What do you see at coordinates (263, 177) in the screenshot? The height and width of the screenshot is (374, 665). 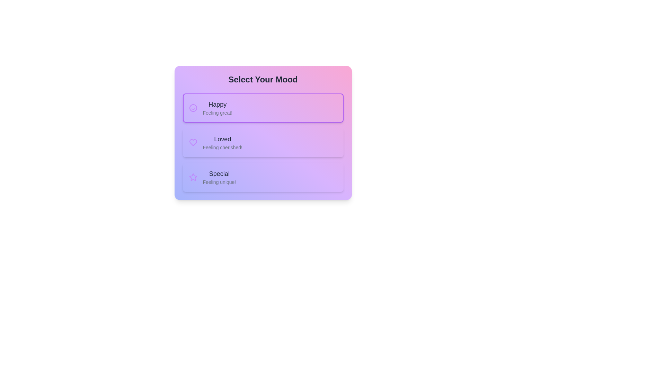 I see `the 'Special' mood card, which is the third card in a vertical stack layout, positioned below the 'Loved' card` at bounding box center [263, 177].